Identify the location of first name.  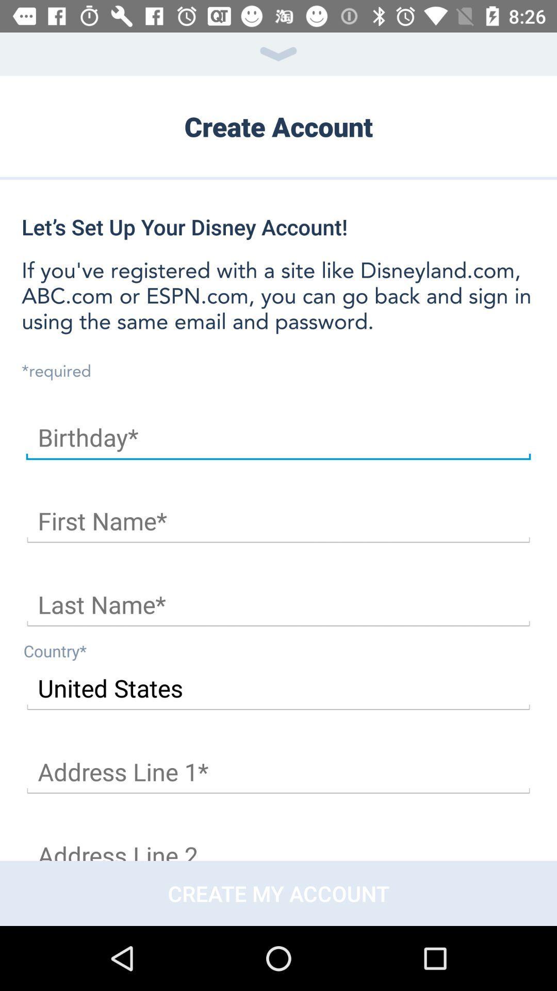
(278, 521).